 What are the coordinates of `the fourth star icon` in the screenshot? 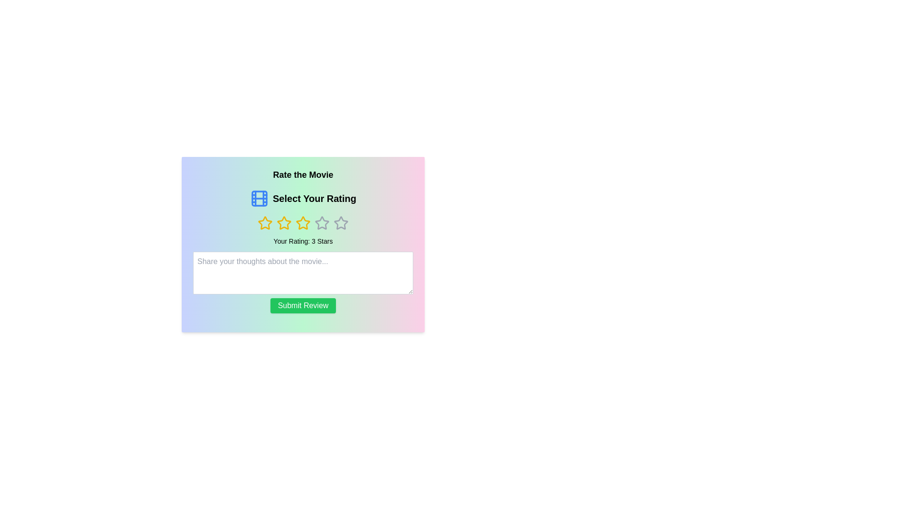 It's located at (322, 223).